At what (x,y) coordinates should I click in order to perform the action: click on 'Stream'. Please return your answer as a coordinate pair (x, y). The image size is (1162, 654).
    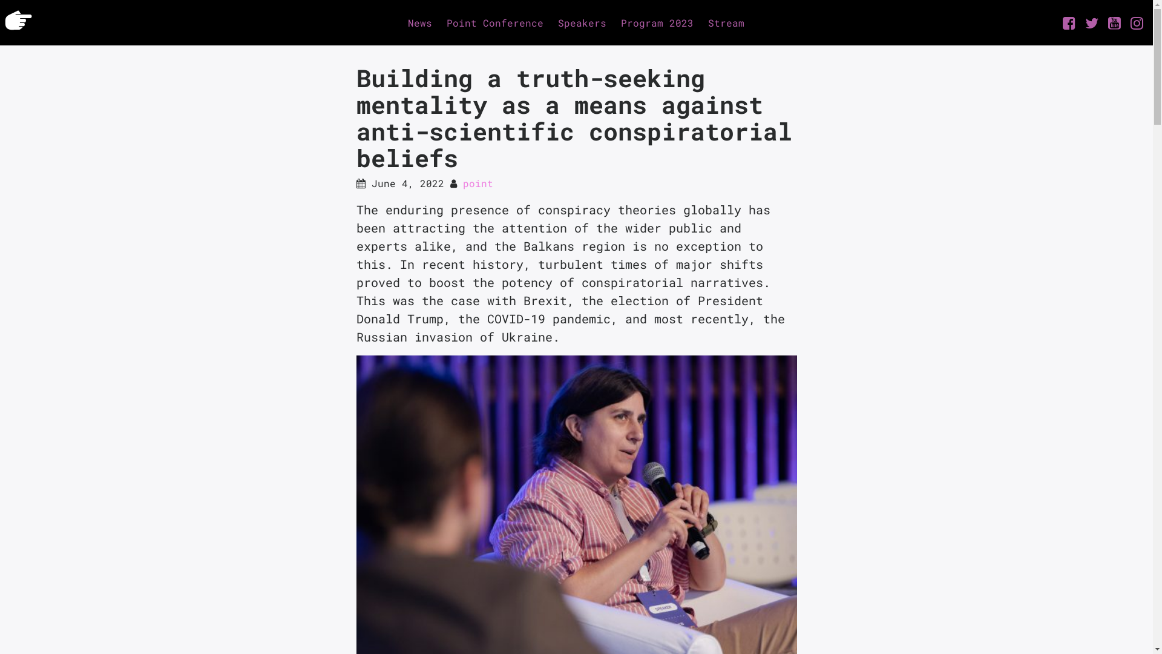
    Looking at the image, I should click on (700, 22).